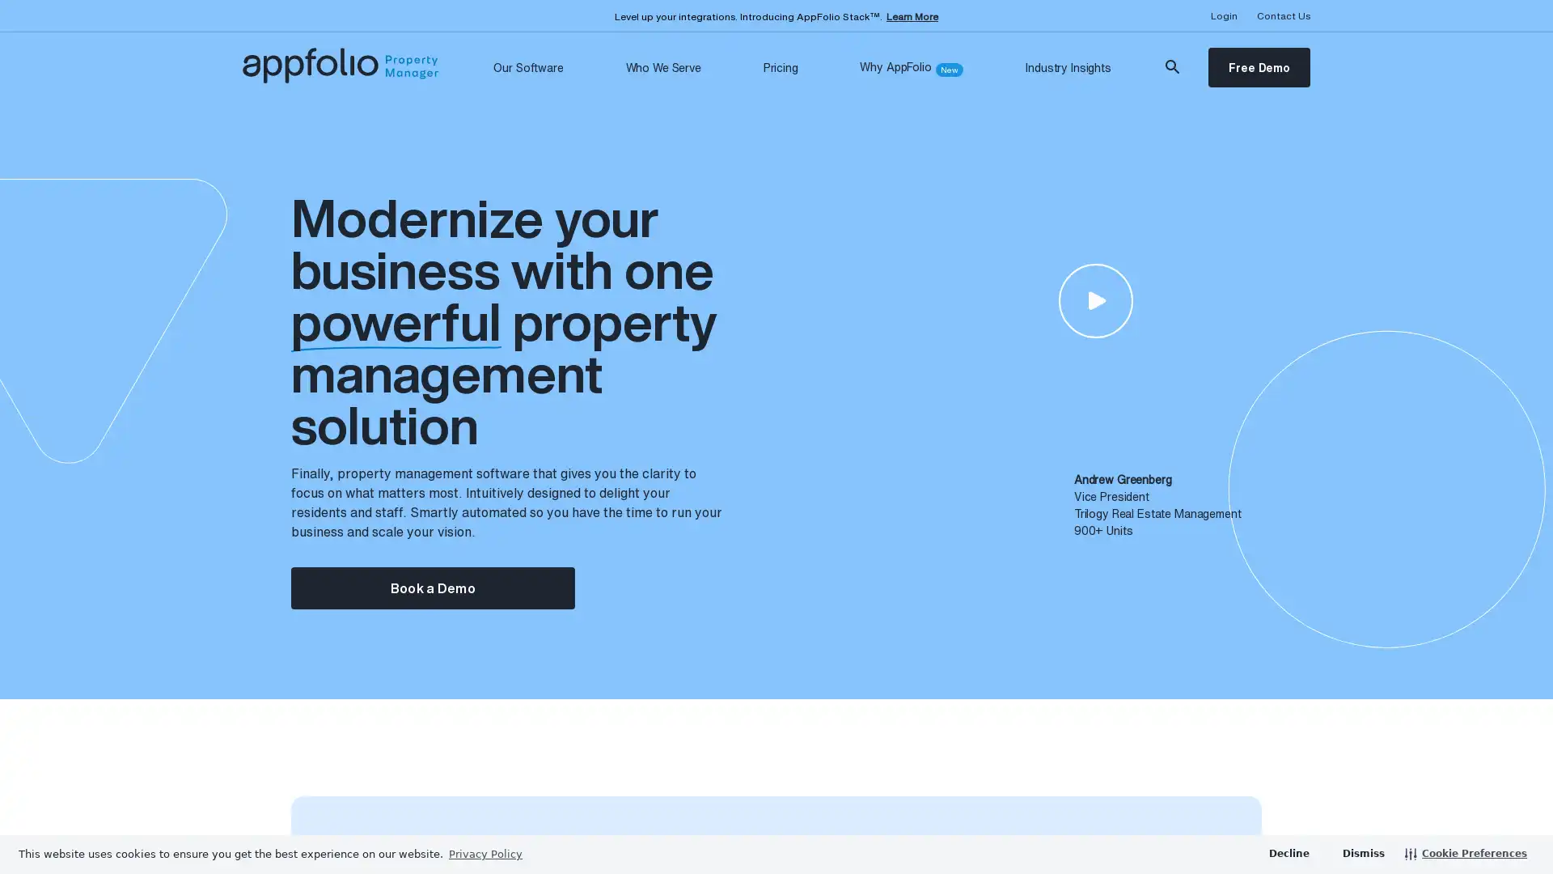 The width and height of the screenshot is (1553, 874). I want to click on Opens Login Dropdown, so click(1226, 15).